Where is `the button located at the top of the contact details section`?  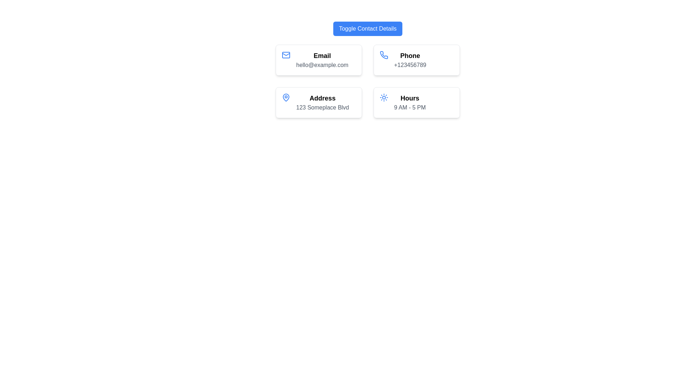
the button located at the top of the contact details section is located at coordinates (368, 28).